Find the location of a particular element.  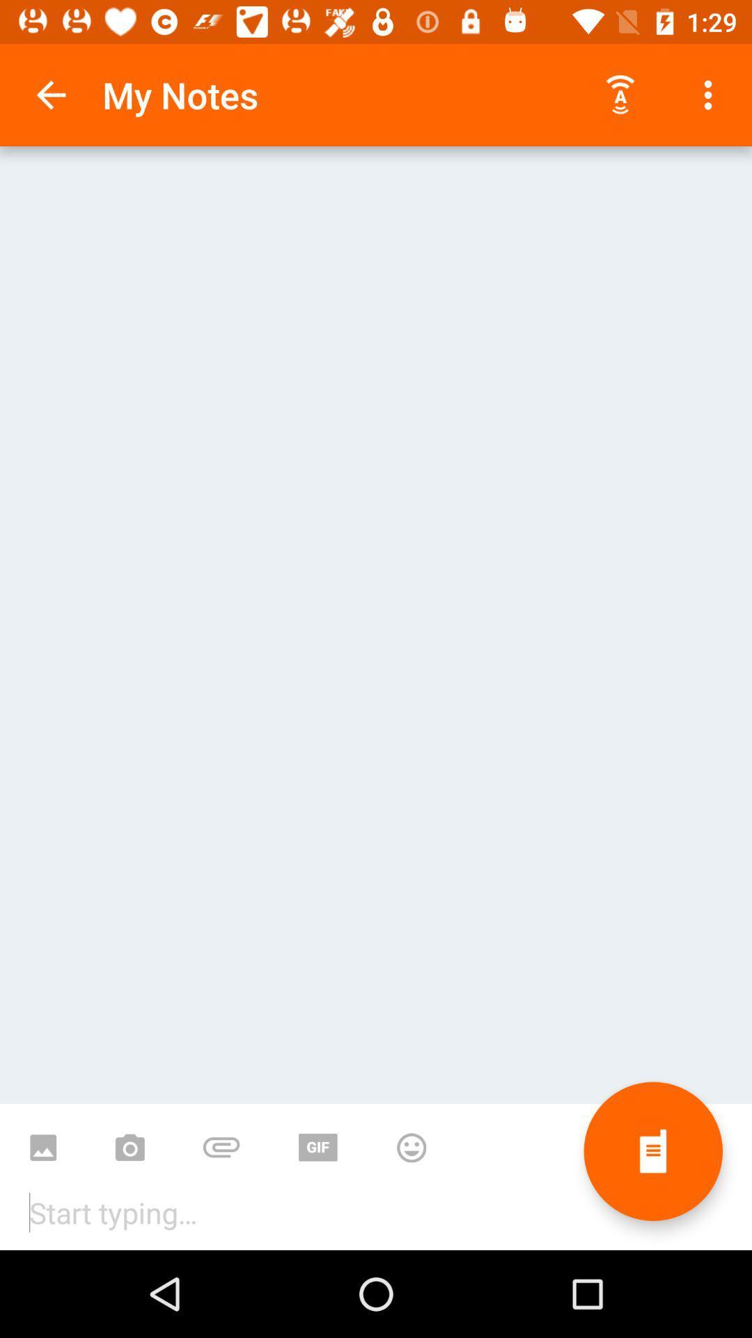

the delete icon is located at coordinates (653, 1151).